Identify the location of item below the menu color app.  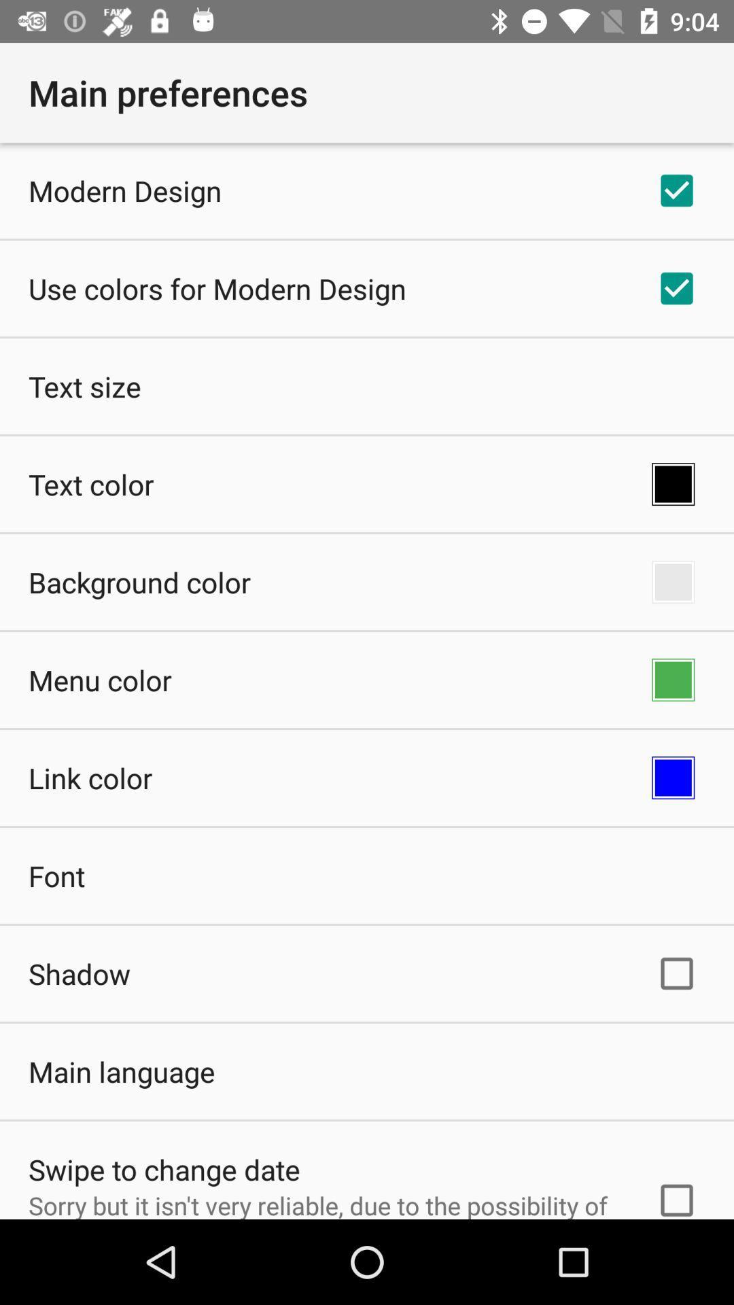
(90, 778).